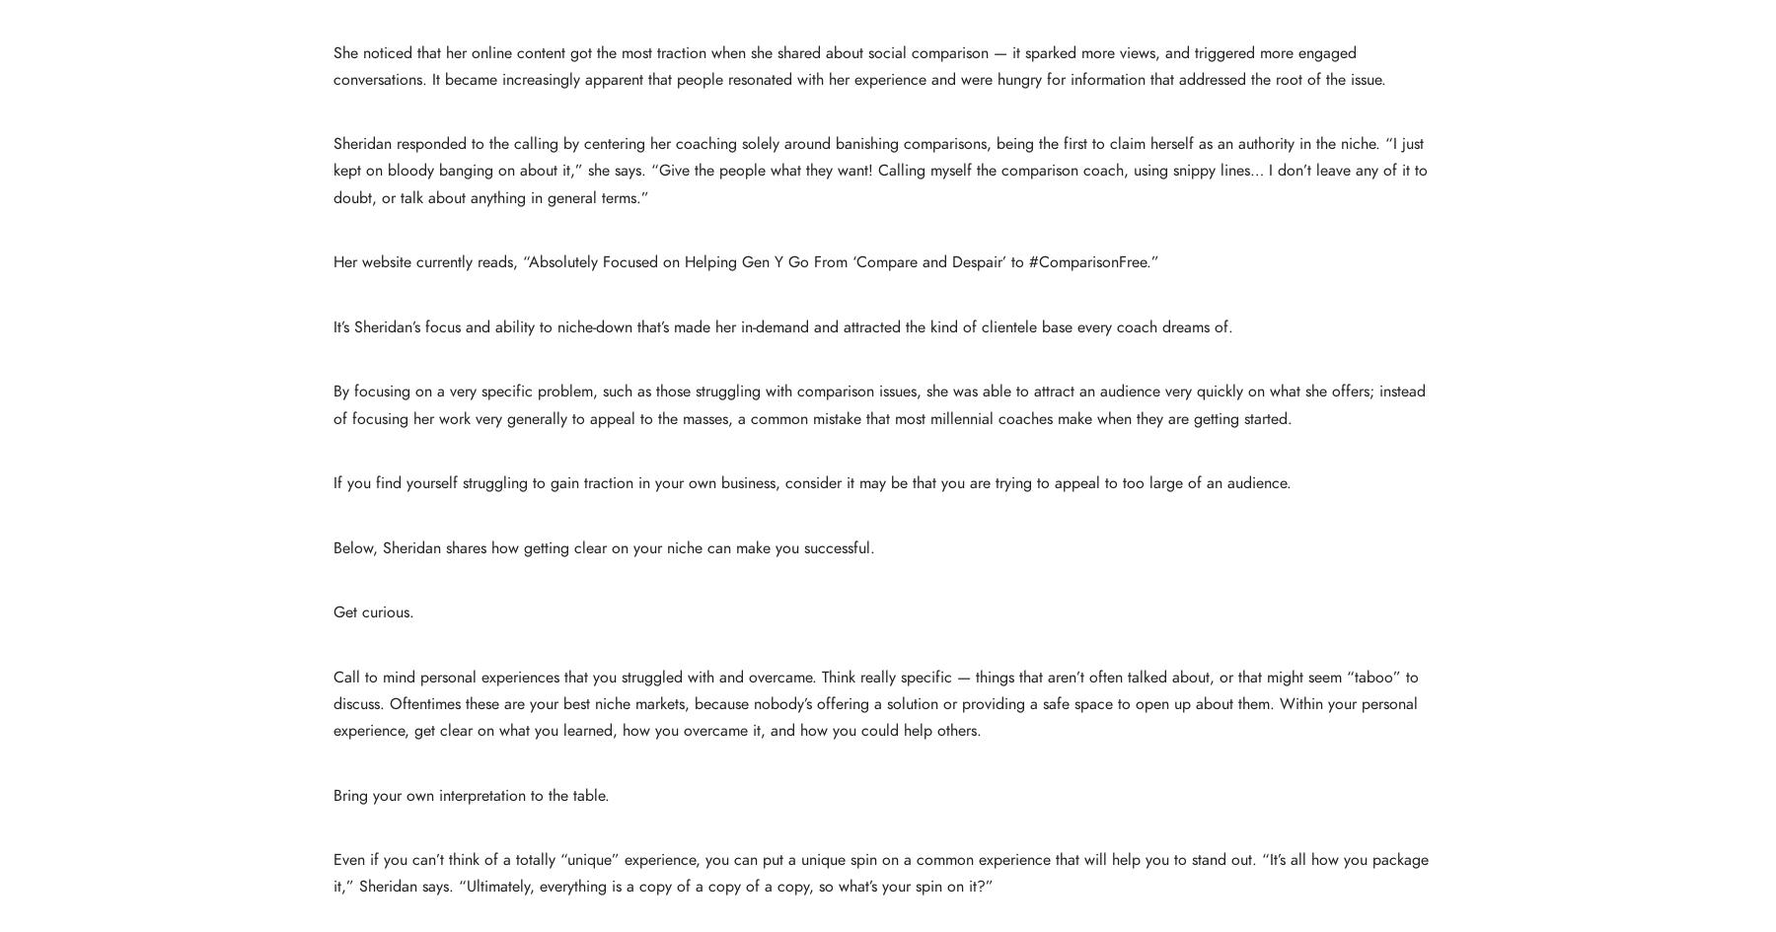 The width and height of the screenshot is (1776, 932). Describe the element at coordinates (331, 65) in the screenshot. I see `'She noticed that her online content got the most traction when she shared about social comparison — it sparked more views, and triggered more engaged conversations. It became increasingly apparent that people resonated with her experience and were hungry for information that addressed the root of the issue.'` at that location.